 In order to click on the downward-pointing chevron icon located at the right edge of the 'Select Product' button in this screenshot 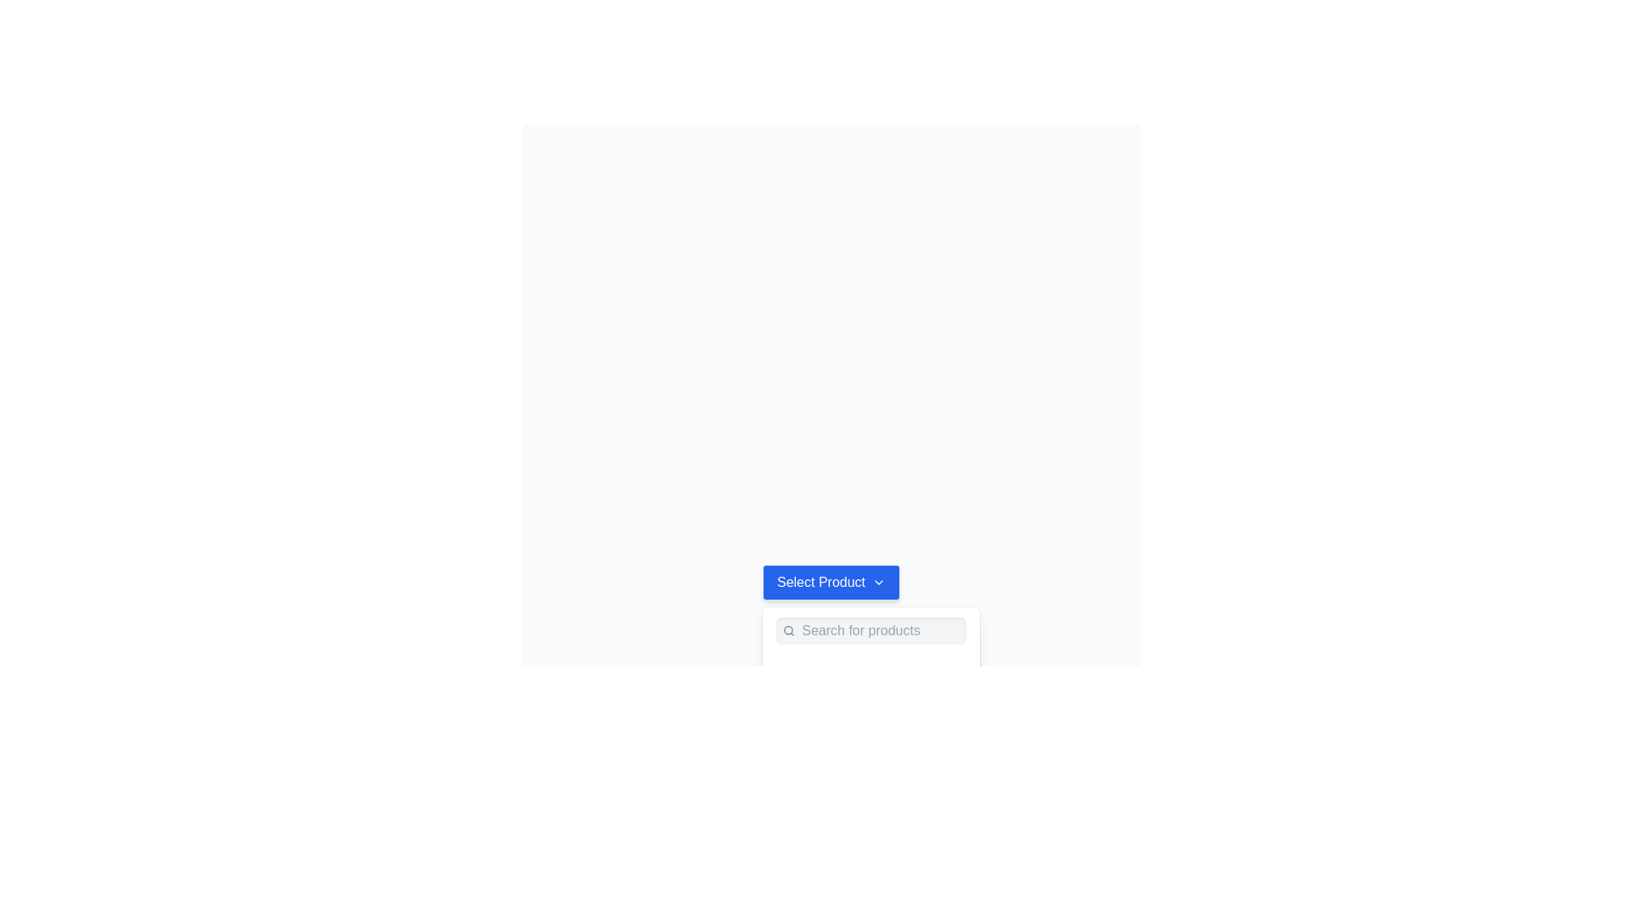, I will do `click(879, 581)`.